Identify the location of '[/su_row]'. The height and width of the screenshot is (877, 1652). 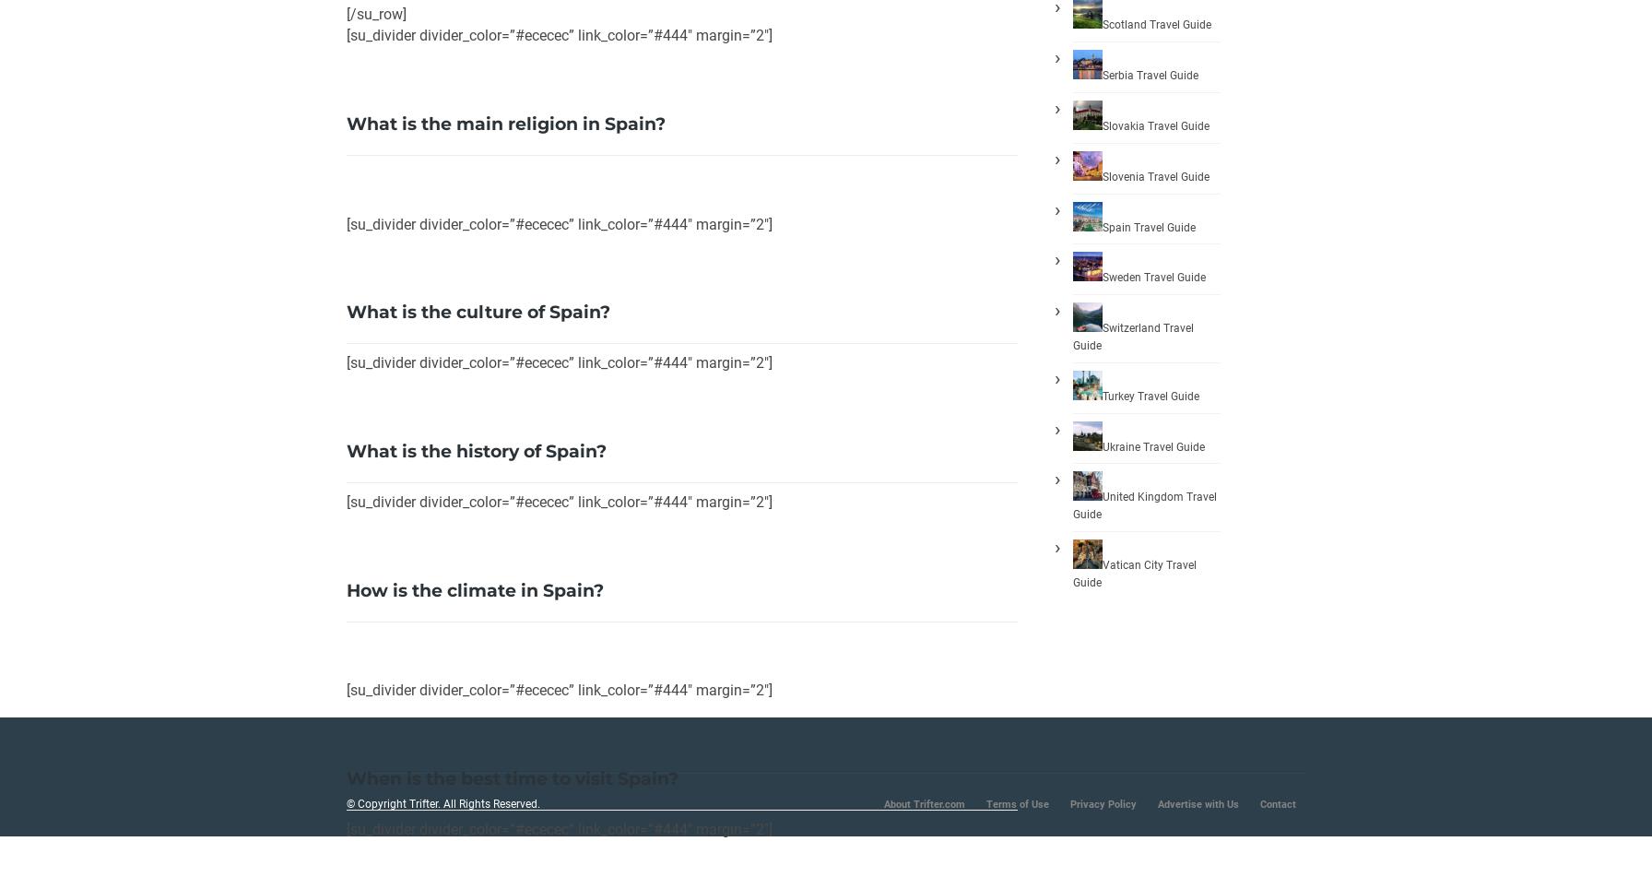
(376, 14).